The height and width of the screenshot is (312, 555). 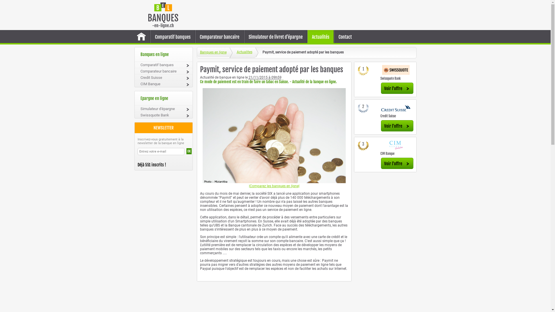 I want to click on 'Voir l'offre', so click(x=397, y=88).